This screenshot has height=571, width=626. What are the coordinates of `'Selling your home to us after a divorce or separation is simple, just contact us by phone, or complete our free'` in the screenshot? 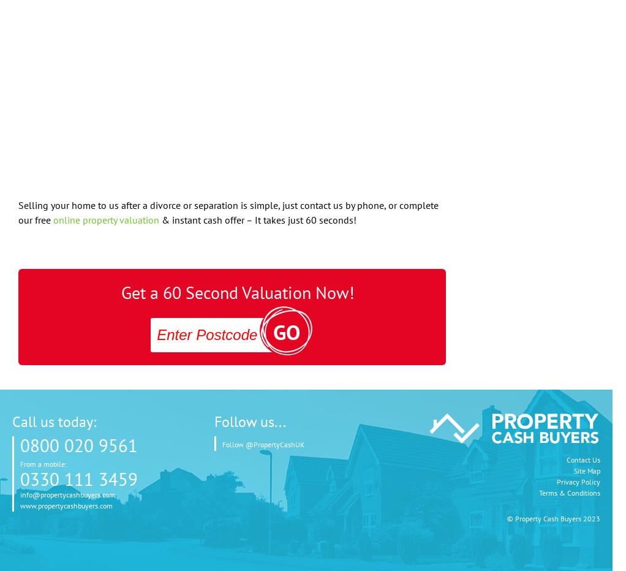 It's located at (228, 212).